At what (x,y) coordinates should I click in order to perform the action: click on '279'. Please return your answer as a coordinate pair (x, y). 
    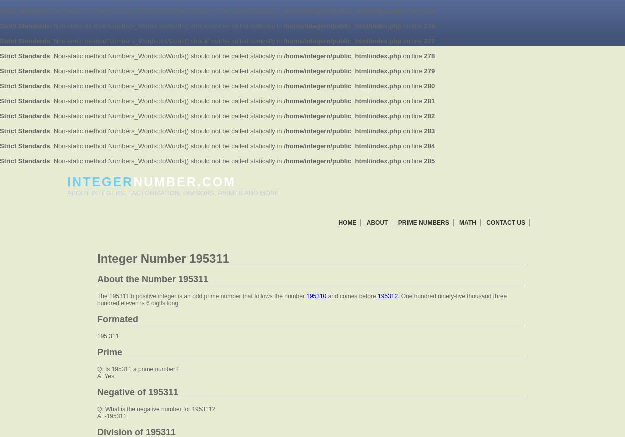
    Looking at the image, I should click on (429, 70).